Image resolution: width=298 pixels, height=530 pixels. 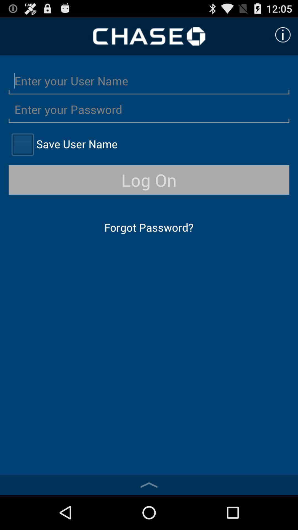 What do you see at coordinates (149, 485) in the screenshot?
I see `swipe up` at bounding box center [149, 485].